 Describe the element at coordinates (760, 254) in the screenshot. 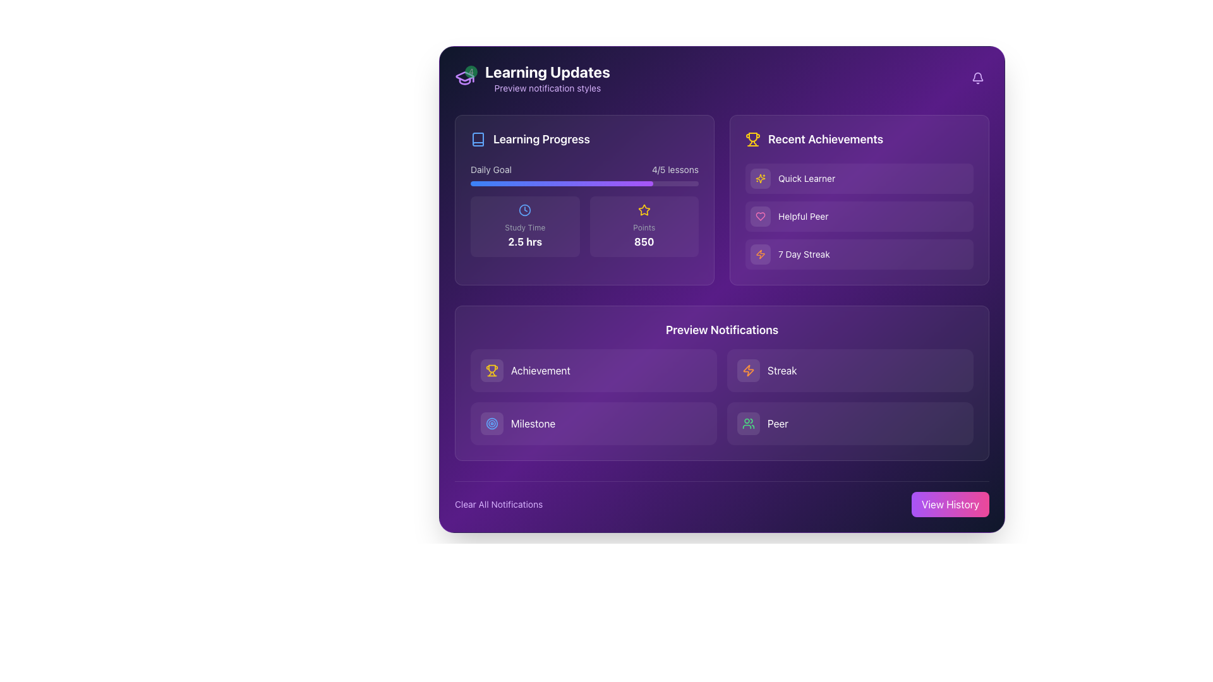

I see `the small orange lightning bolt icon located in the top-right section of the interface, next to the '7 Day Streak' text` at that location.